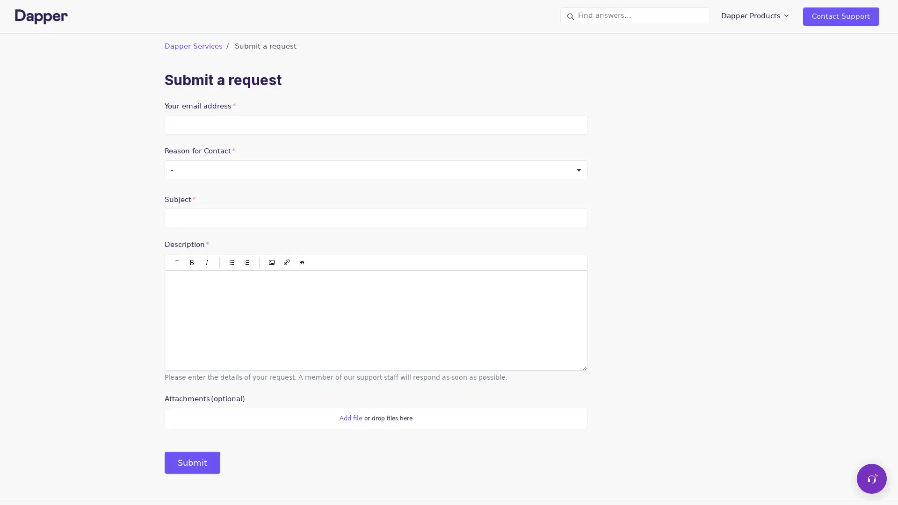 This screenshot has width=898, height=505. I want to click on Submit, so click(192, 462).